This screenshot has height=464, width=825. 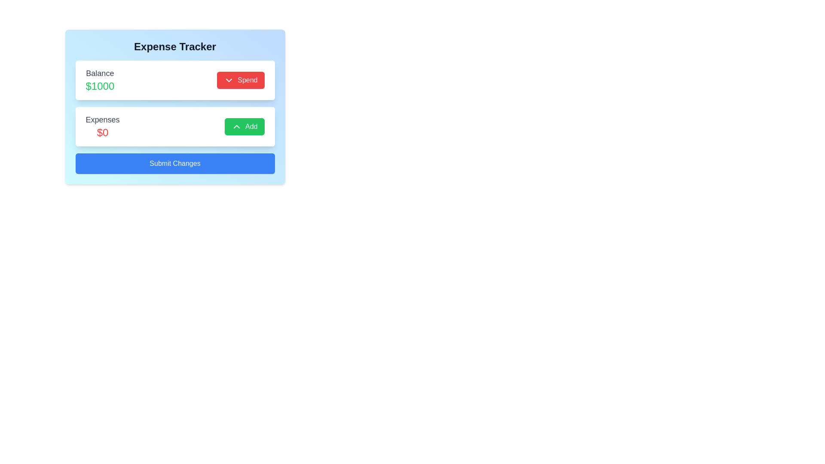 What do you see at coordinates (100, 80) in the screenshot?
I see `contents of the Text display showing the user's current balance information located at the top-left section of the card interface` at bounding box center [100, 80].